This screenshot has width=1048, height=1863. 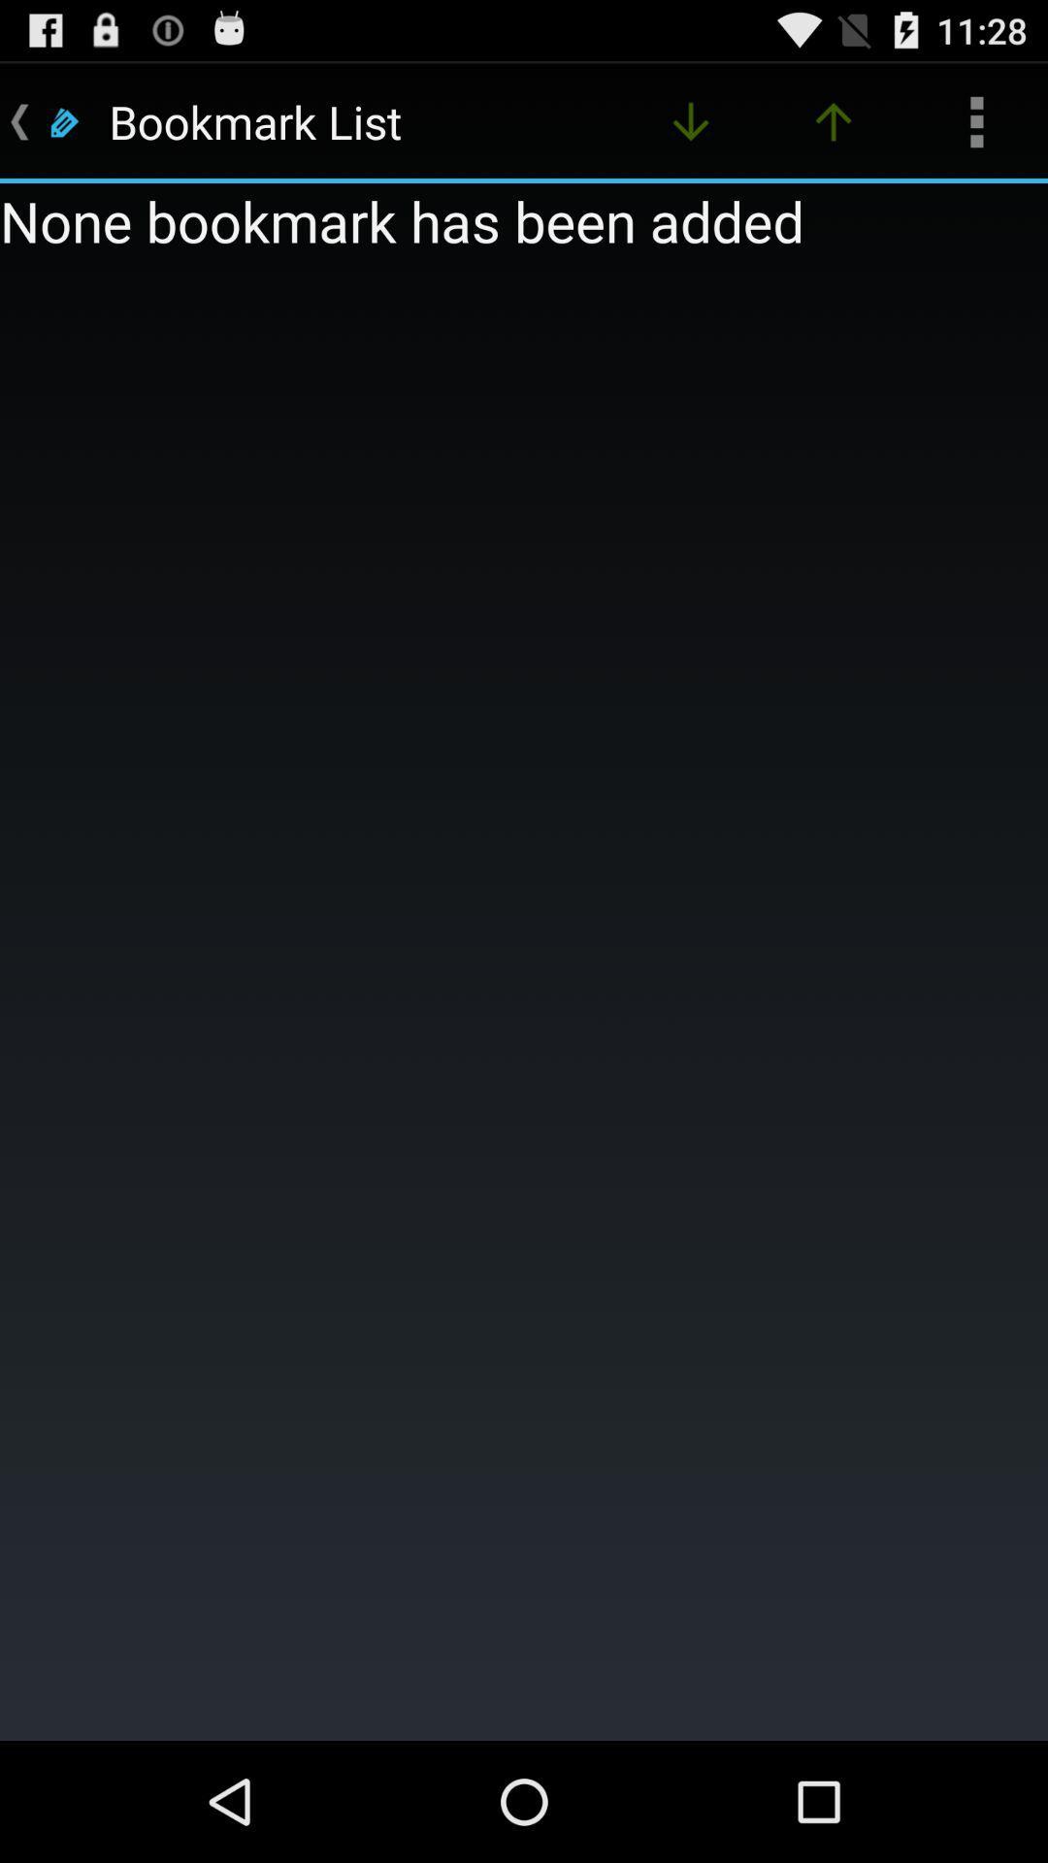 What do you see at coordinates (690, 120) in the screenshot?
I see `item to the right of the bookmark list app` at bounding box center [690, 120].